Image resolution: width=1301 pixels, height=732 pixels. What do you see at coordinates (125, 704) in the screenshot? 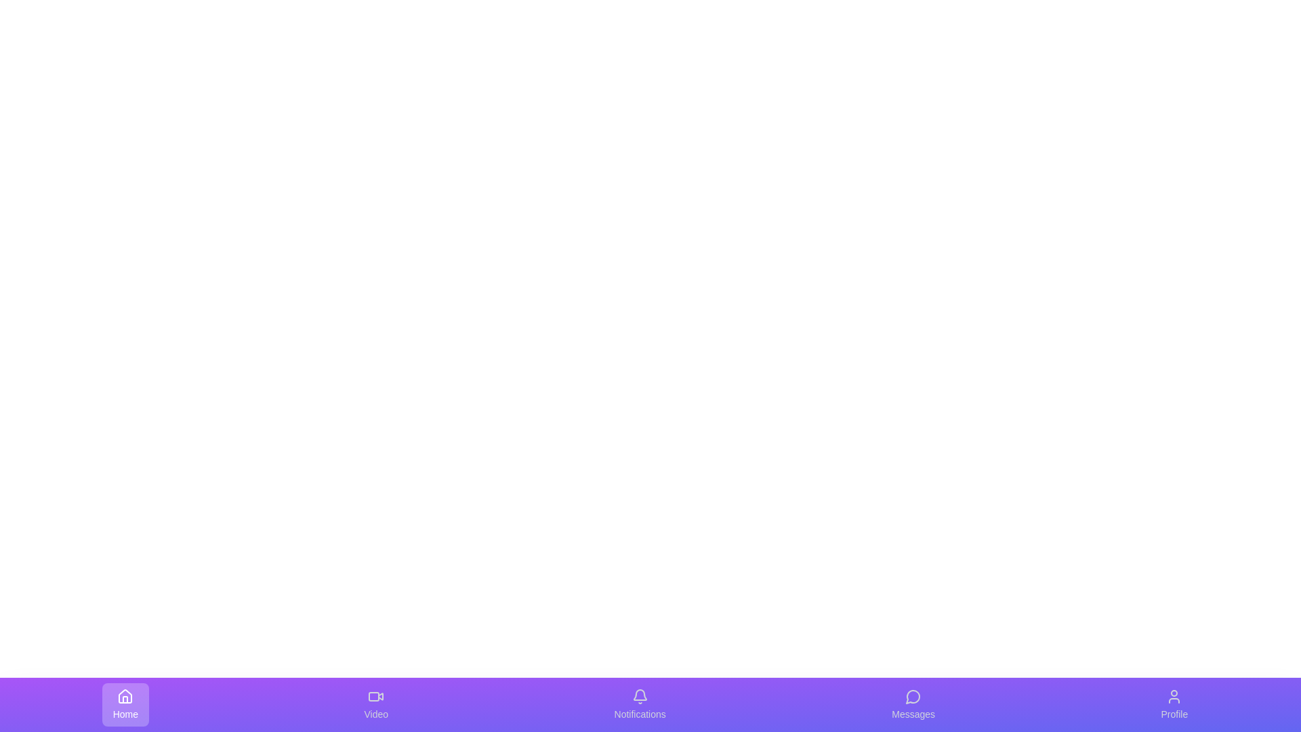
I see `the icon for Home to trigger visual feedback` at bounding box center [125, 704].